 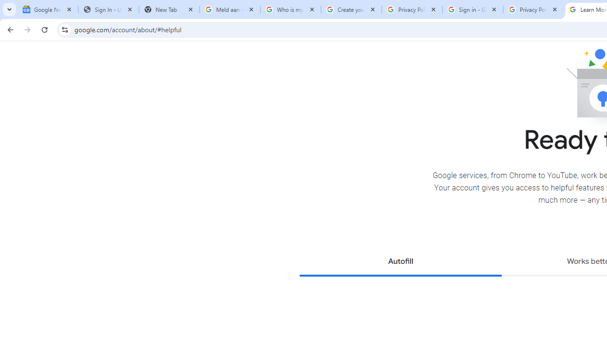 What do you see at coordinates (473, 9) in the screenshot?
I see `'Sign in - Google Accounts'` at bounding box center [473, 9].